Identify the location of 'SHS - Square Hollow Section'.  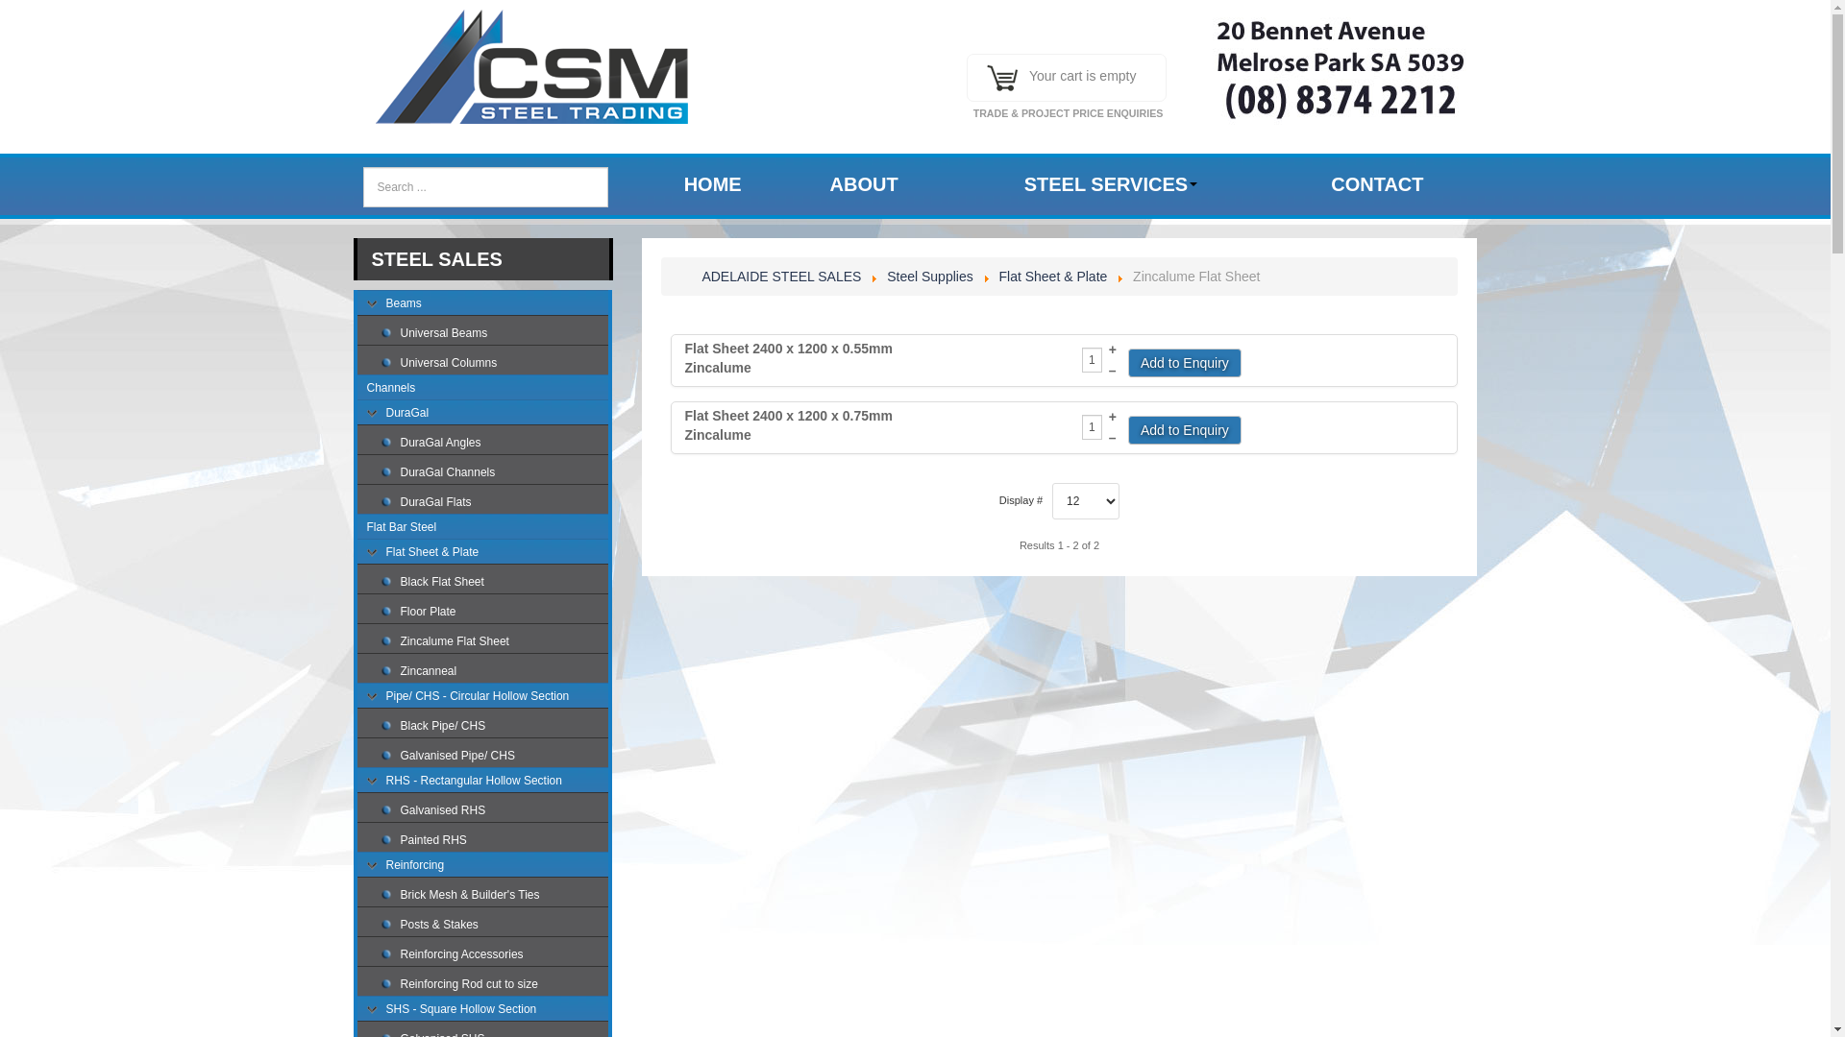
(377, 1010).